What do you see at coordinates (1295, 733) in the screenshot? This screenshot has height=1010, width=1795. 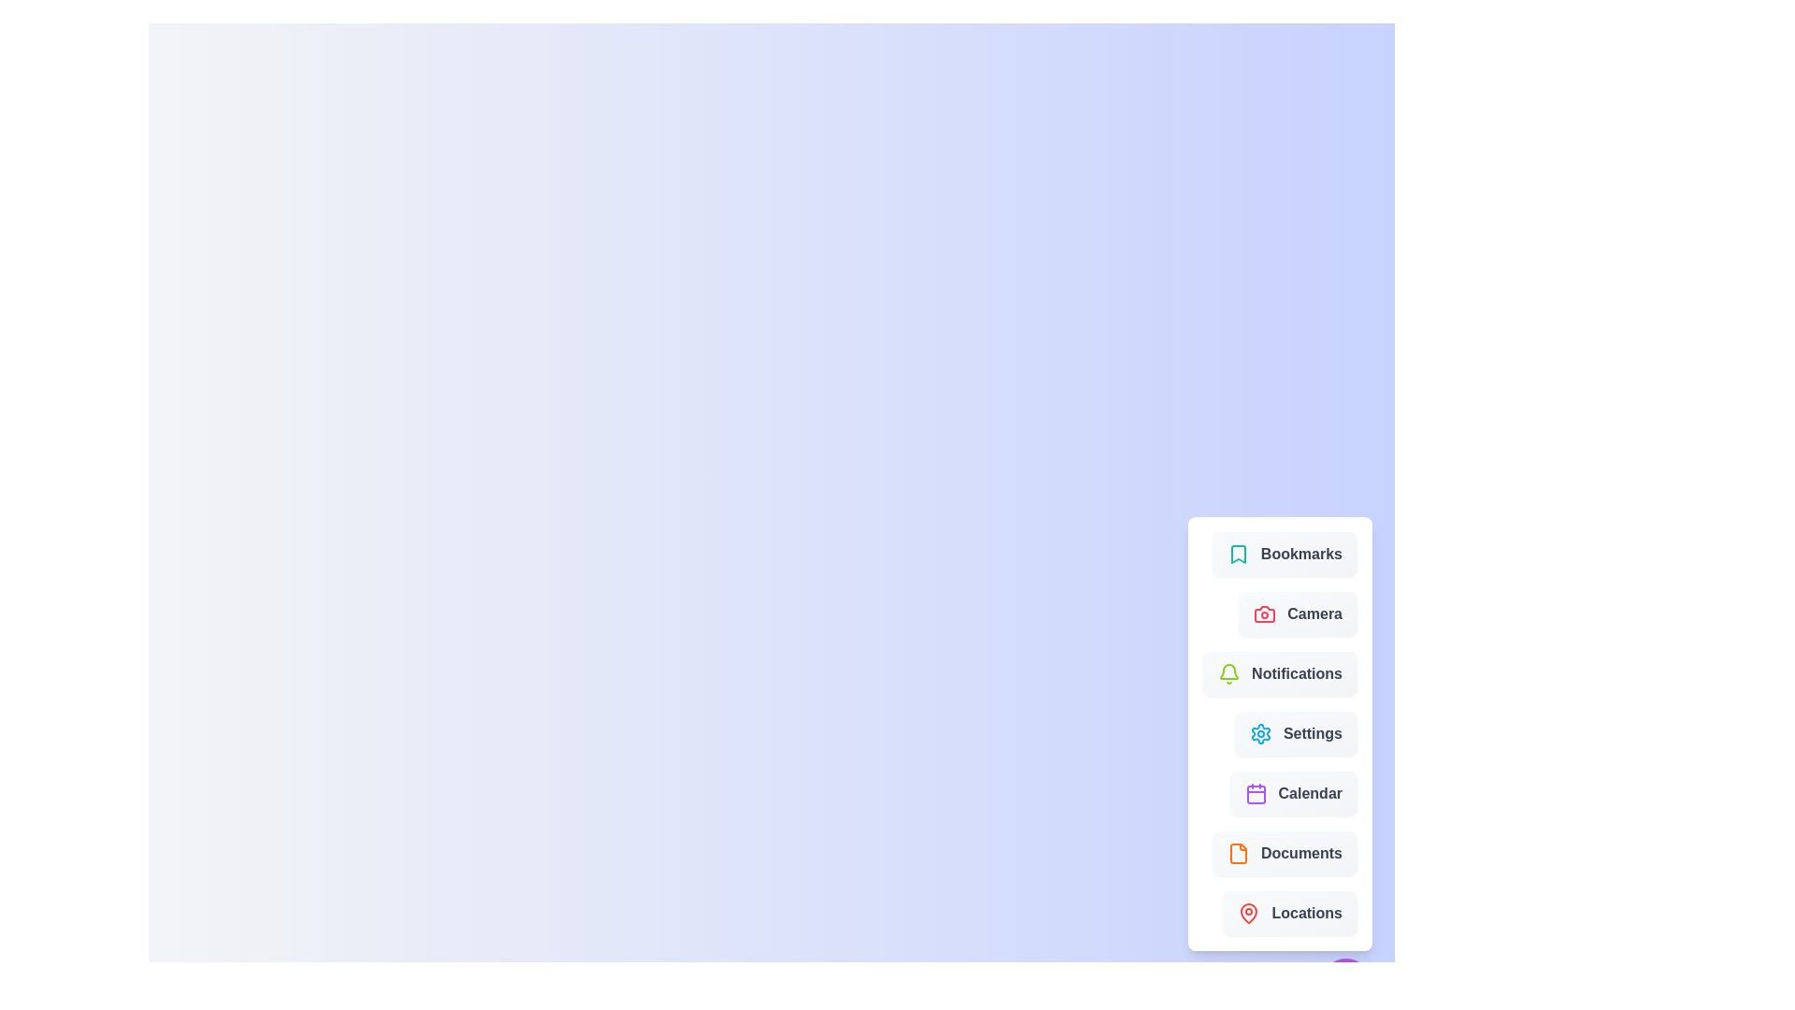 I see `the menu item corresponding to Settings to activate its action` at bounding box center [1295, 733].